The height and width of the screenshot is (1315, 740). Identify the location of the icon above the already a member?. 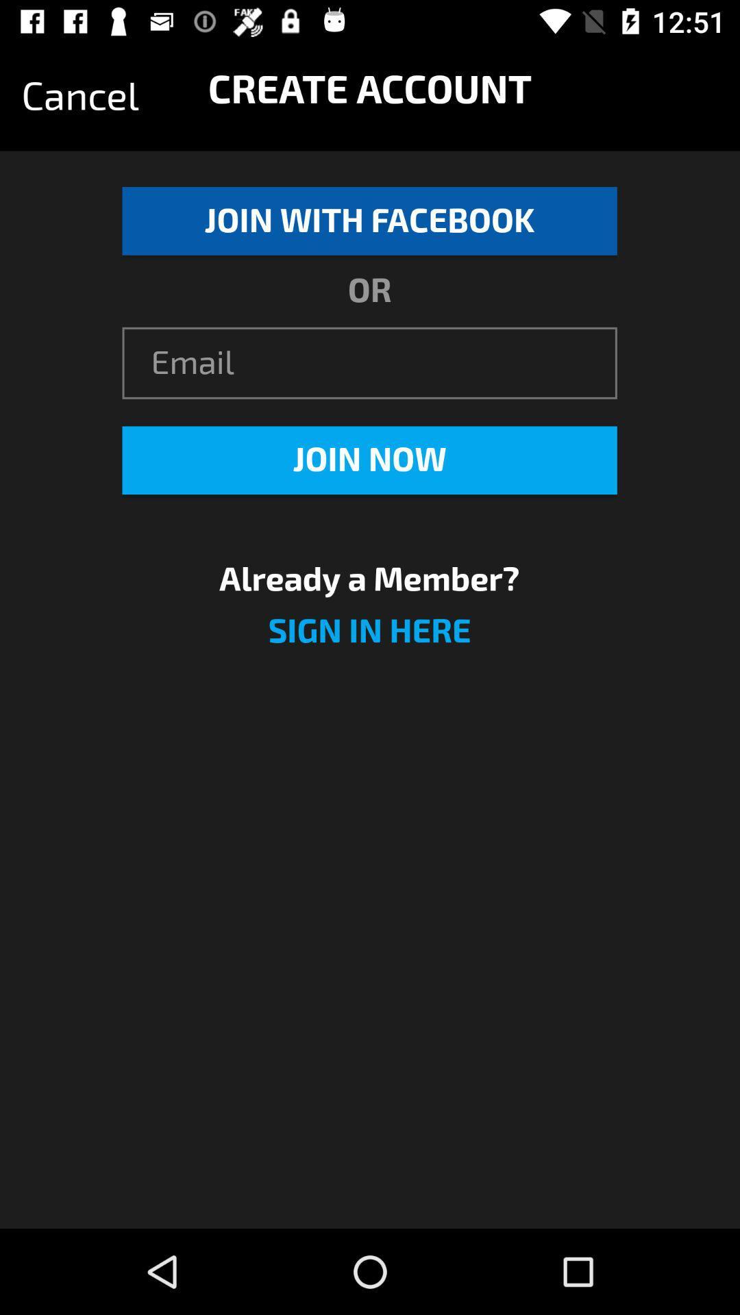
(369, 460).